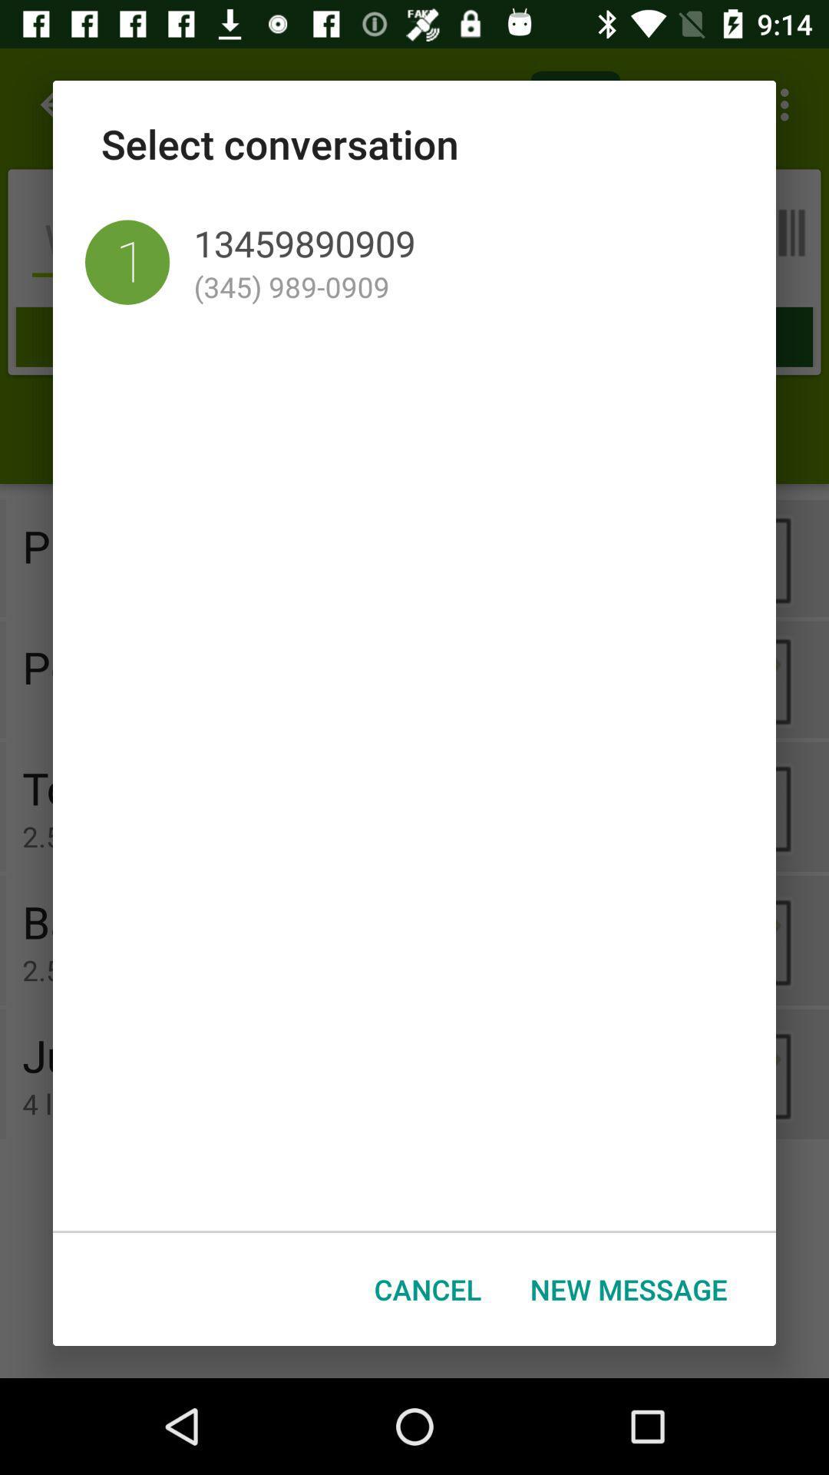 This screenshot has width=829, height=1475. What do you see at coordinates (629, 1289) in the screenshot?
I see `the item to the right of the cancel icon` at bounding box center [629, 1289].